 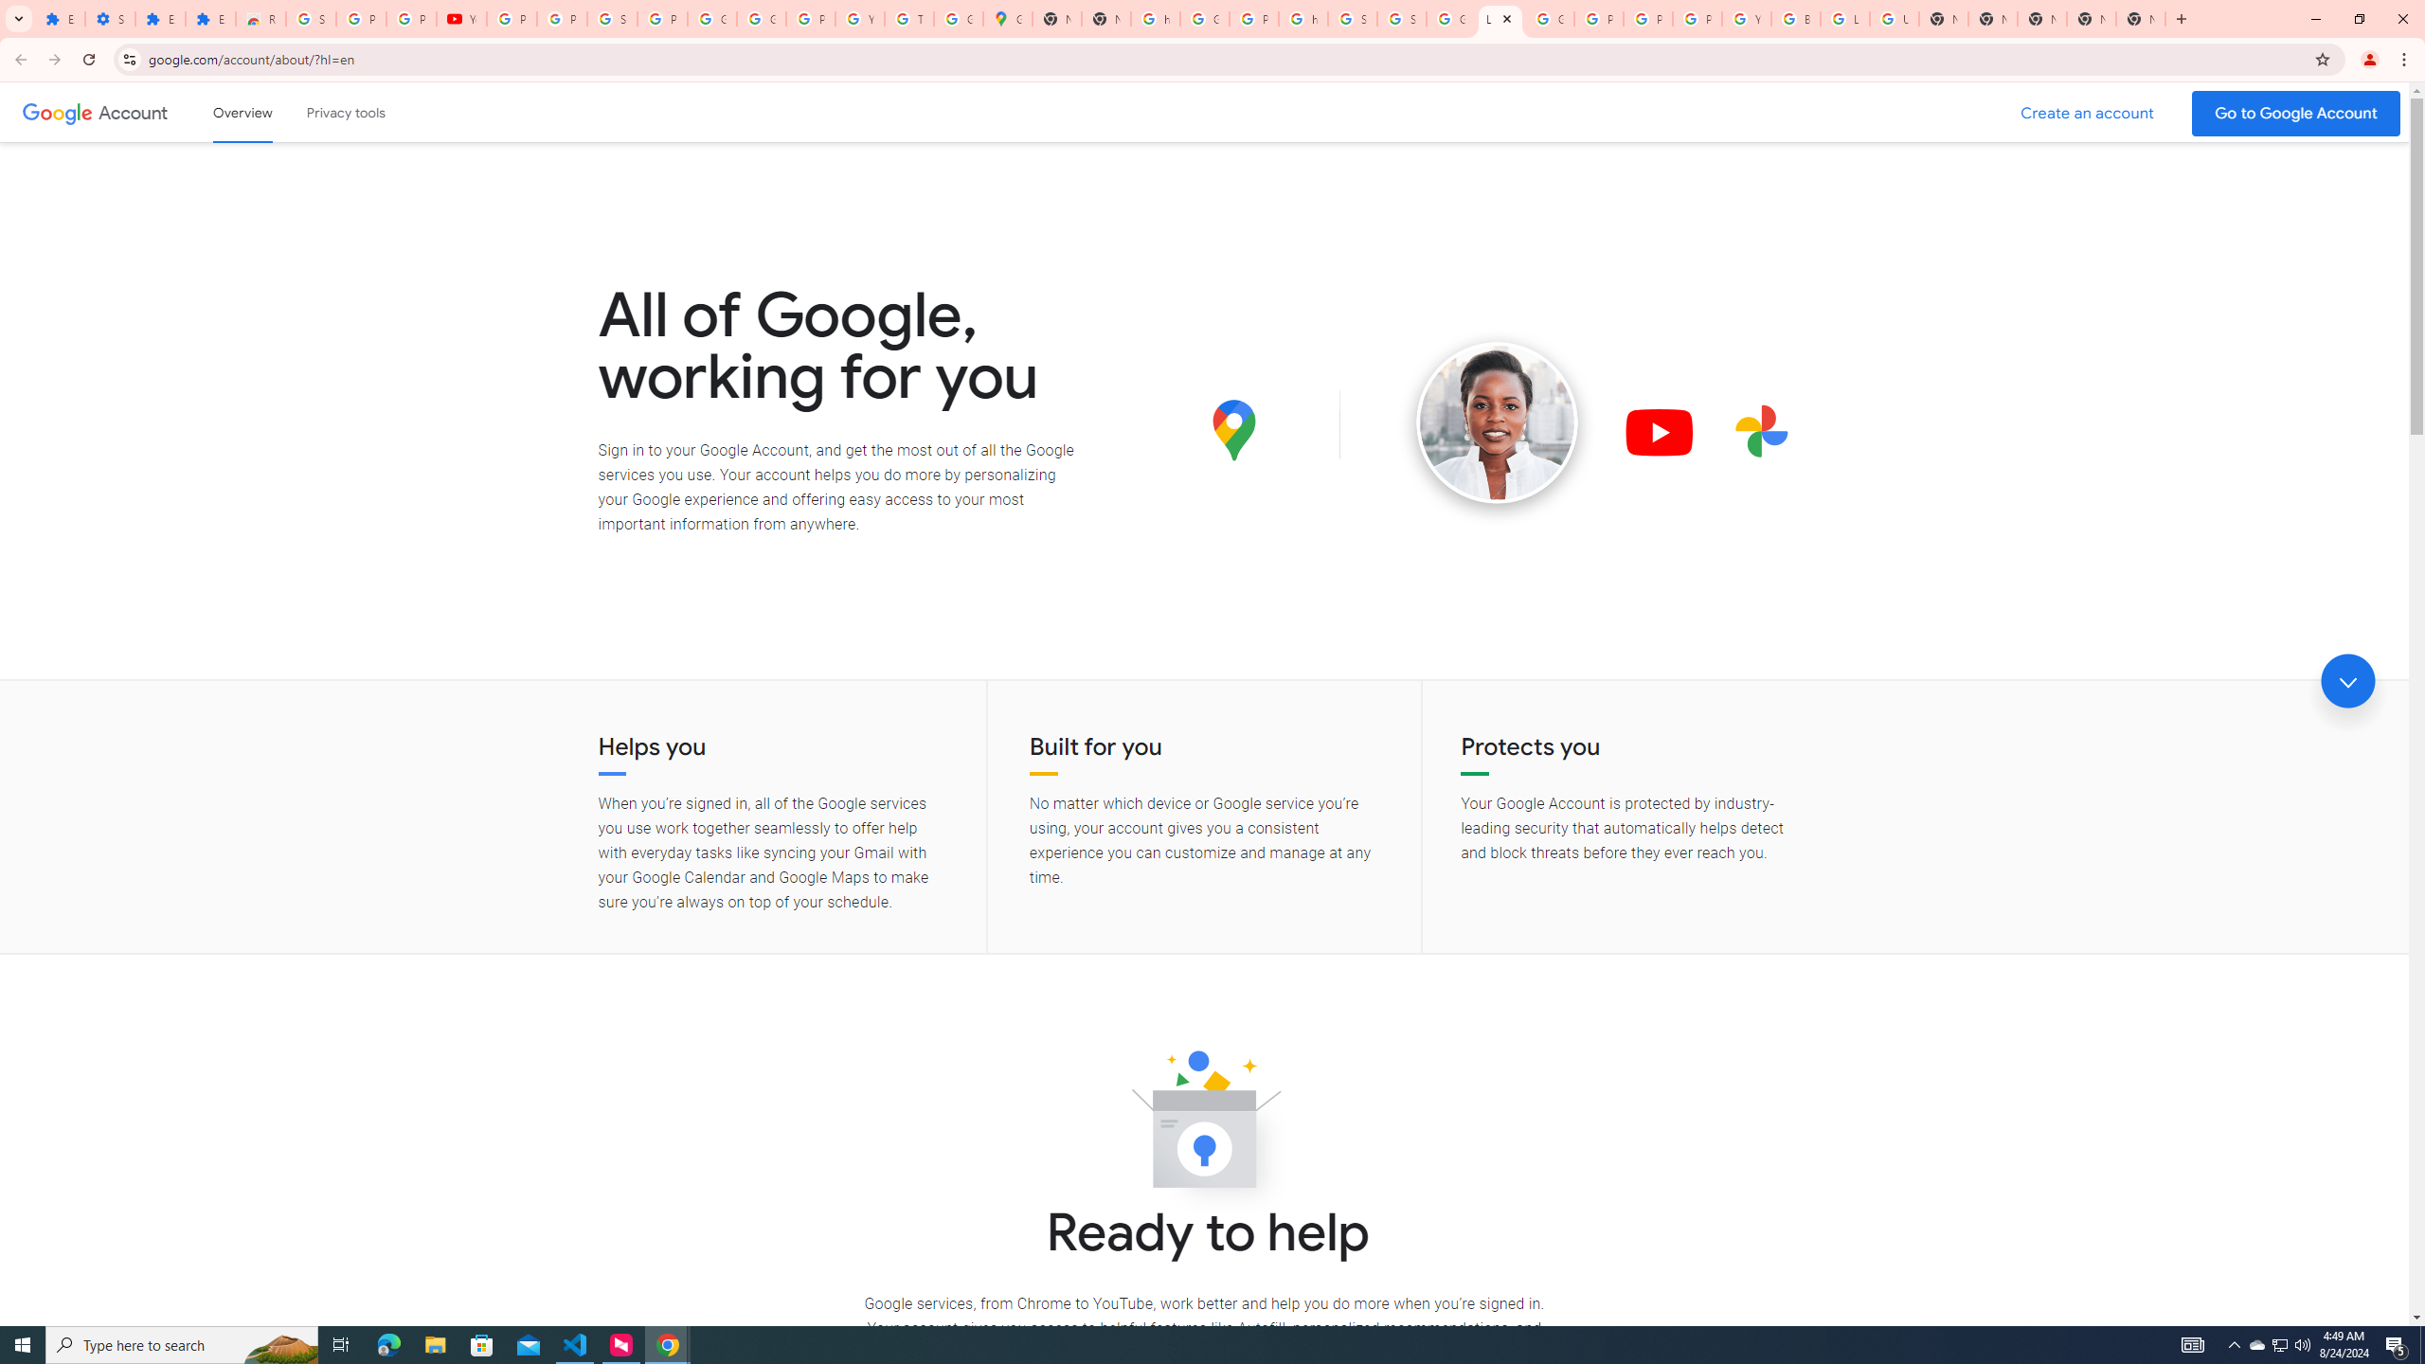 I want to click on 'Sign in - Google Accounts', so click(x=1401, y=18).